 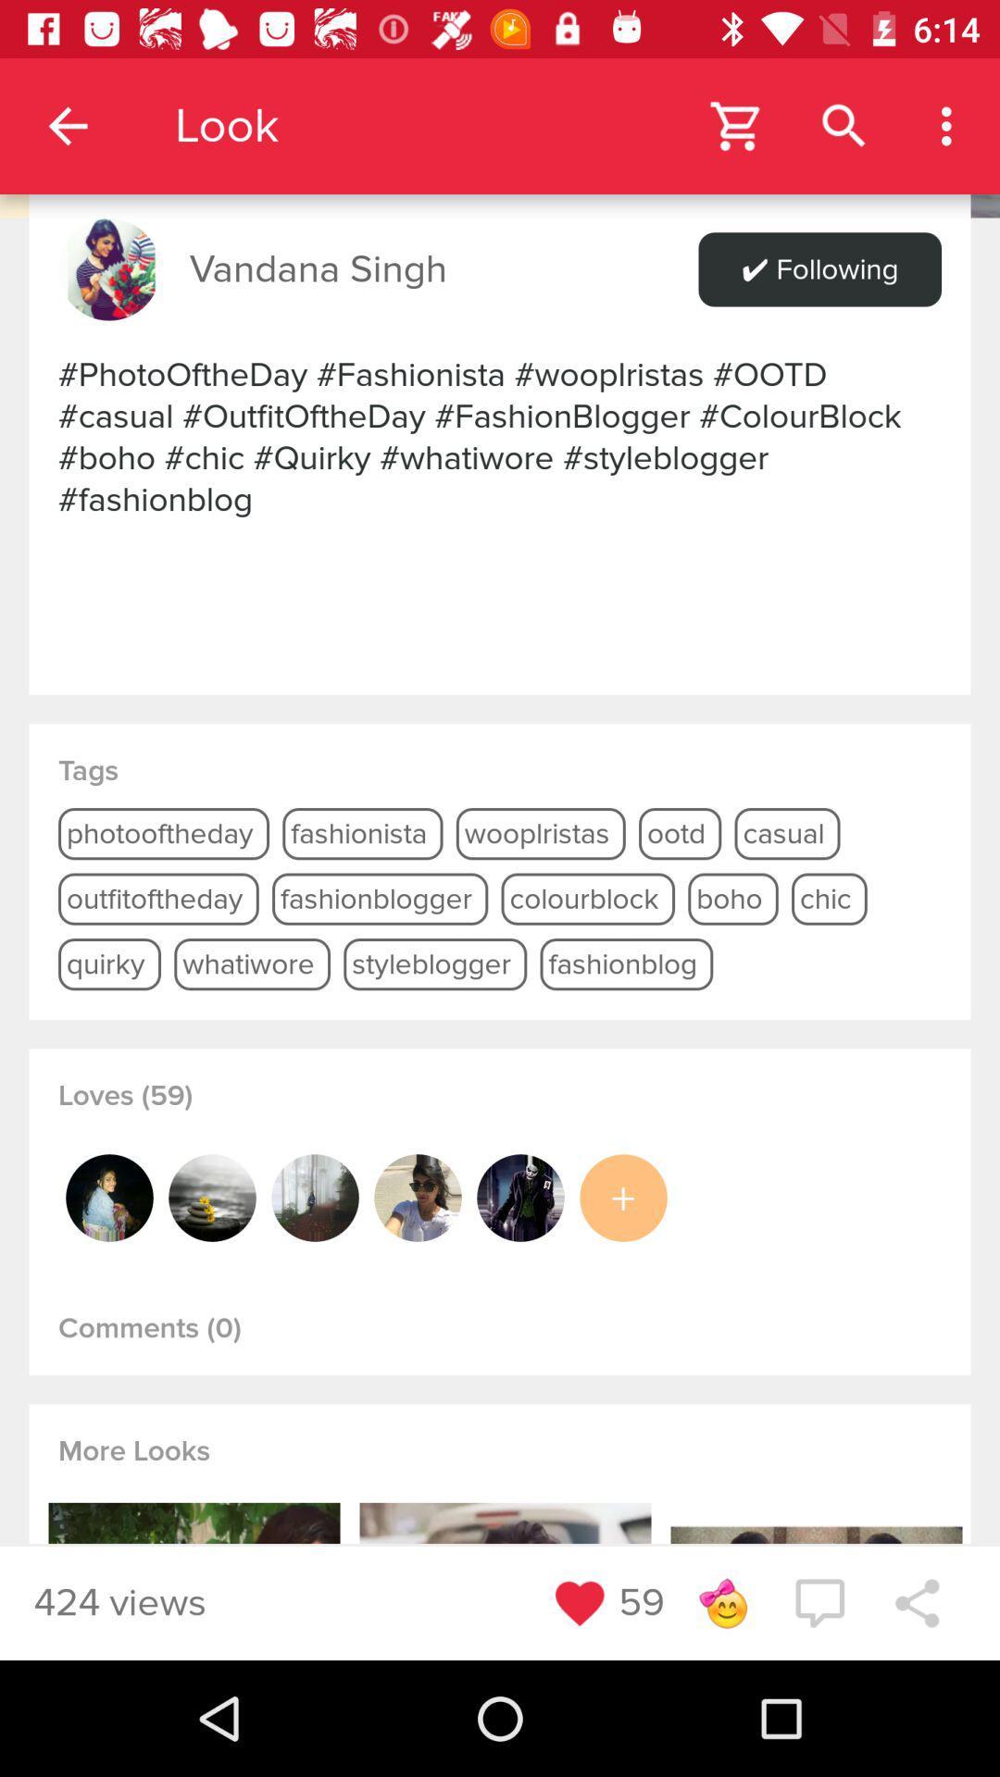 I want to click on person 's page, so click(x=314, y=1198).